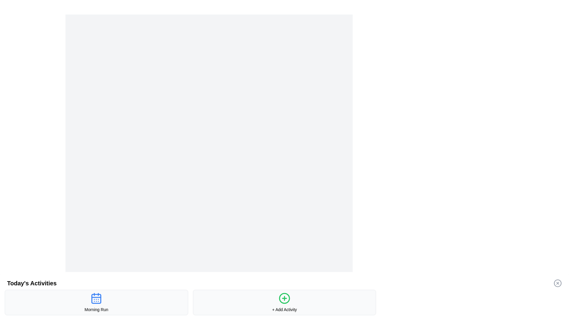 The width and height of the screenshot is (569, 320). I want to click on the green circular outline of the '+' icon located within the button labeled '+ Add Activity' at the bottom-center of the interface, so click(284, 298).